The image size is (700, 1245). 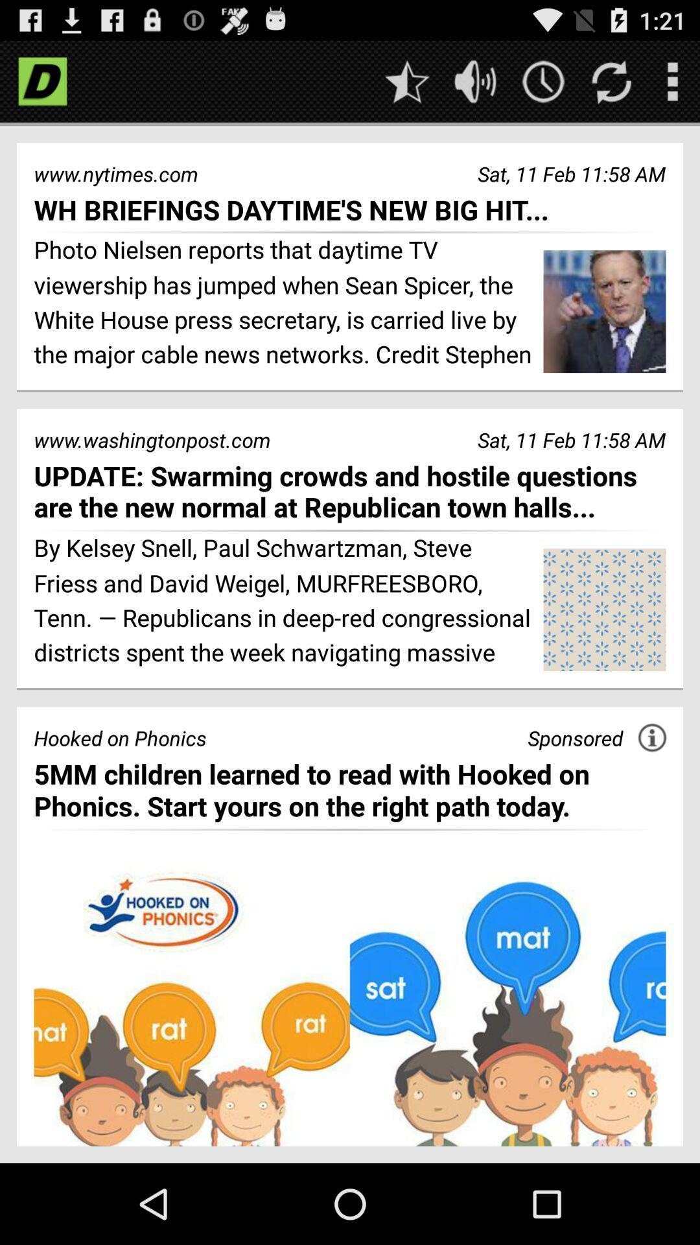 What do you see at coordinates (350, 491) in the screenshot?
I see `icon below the www.washingtonpost.com item` at bounding box center [350, 491].